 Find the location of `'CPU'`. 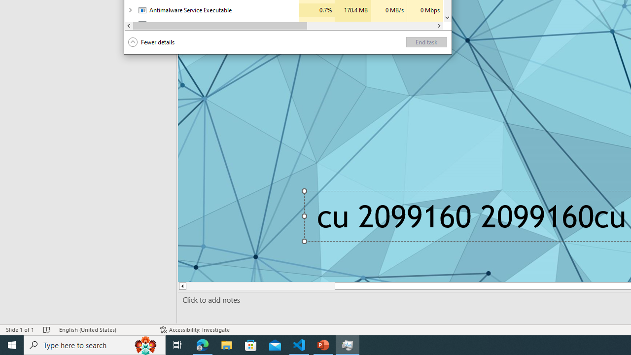

'CPU' is located at coordinates (317, 24).